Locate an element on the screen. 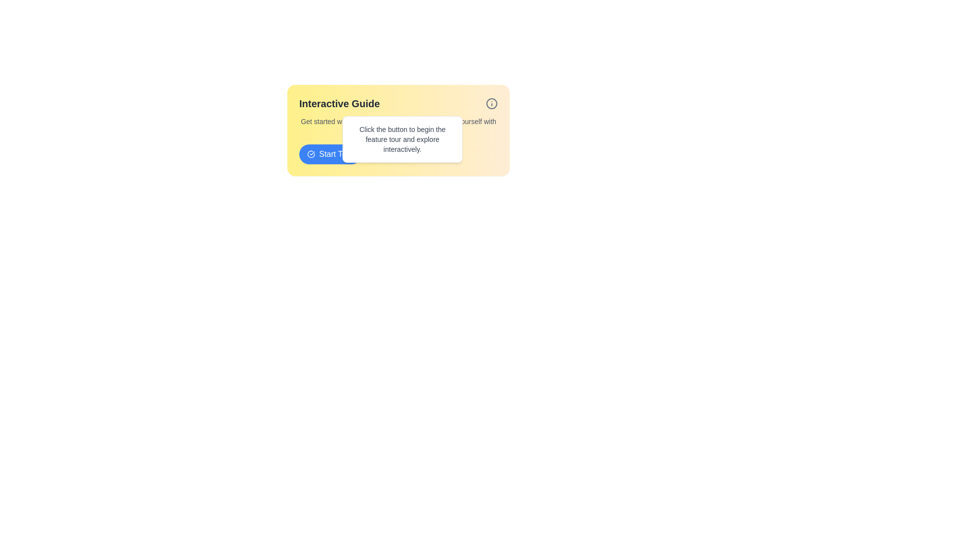  the interactive guide button located below the descriptive text is located at coordinates (330, 154).